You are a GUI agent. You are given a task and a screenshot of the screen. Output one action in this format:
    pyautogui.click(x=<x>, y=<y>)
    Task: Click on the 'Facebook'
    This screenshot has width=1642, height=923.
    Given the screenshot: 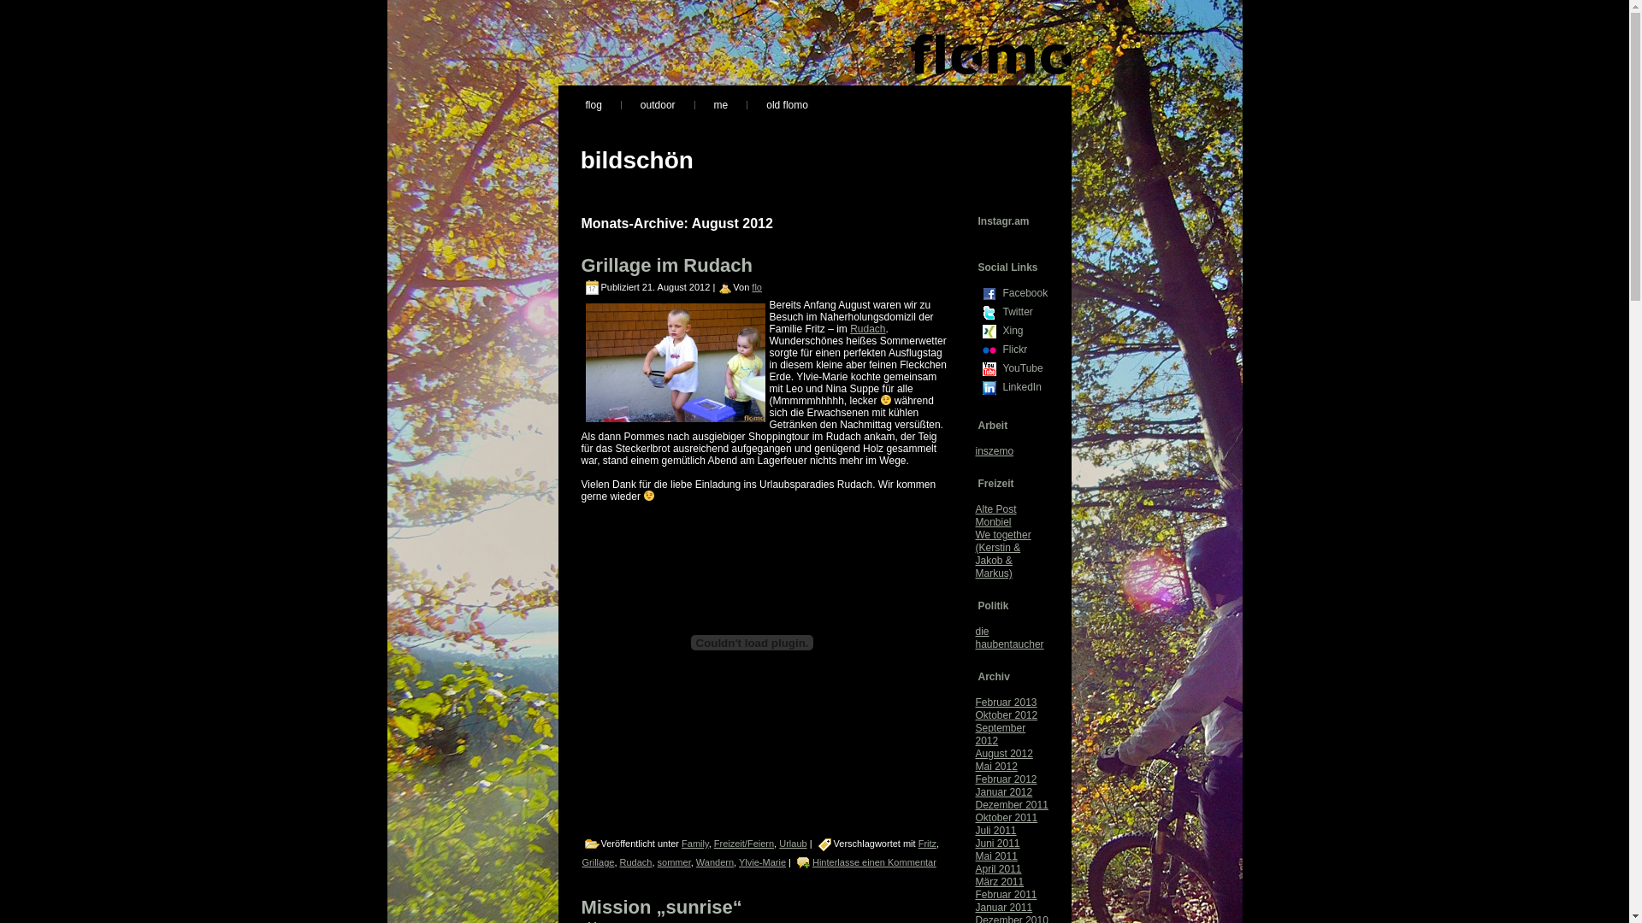 What is the action you would take?
    pyautogui.click(x=1025, y=292)
    